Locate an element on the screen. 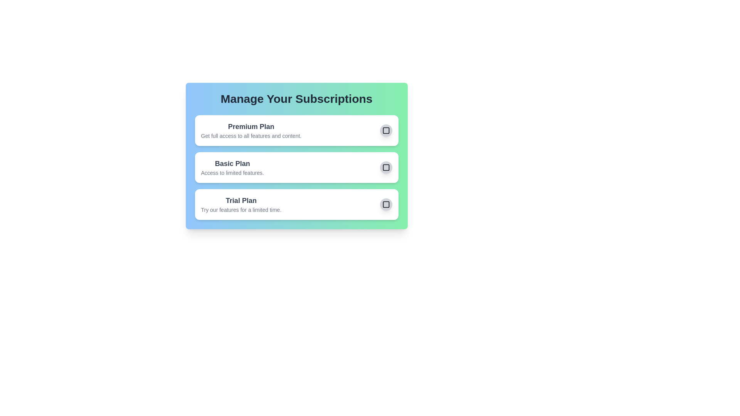  the interactive marker for the 'Premium Plan' subscription option, which is the topmost square in the vertical list of subscription plans is located at coordinates (386, 130).